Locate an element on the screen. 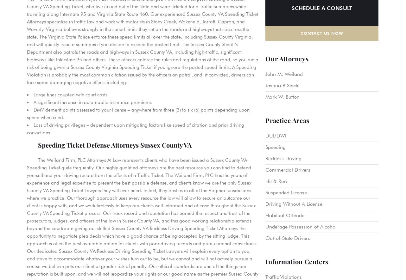  'Practice Areas' is located at coordinates (265, 120).